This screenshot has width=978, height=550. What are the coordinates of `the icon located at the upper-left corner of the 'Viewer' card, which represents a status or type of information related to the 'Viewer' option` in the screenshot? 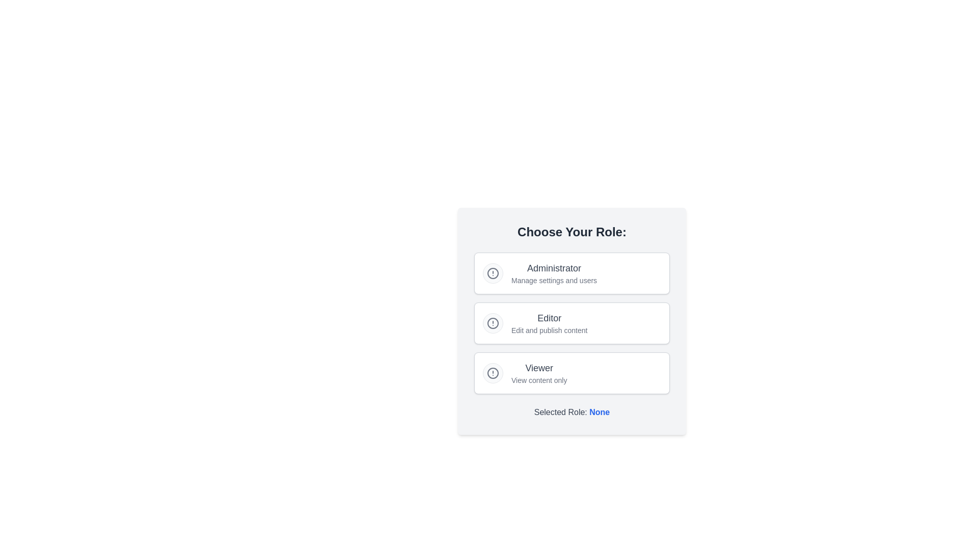 It's located at (493, 373).